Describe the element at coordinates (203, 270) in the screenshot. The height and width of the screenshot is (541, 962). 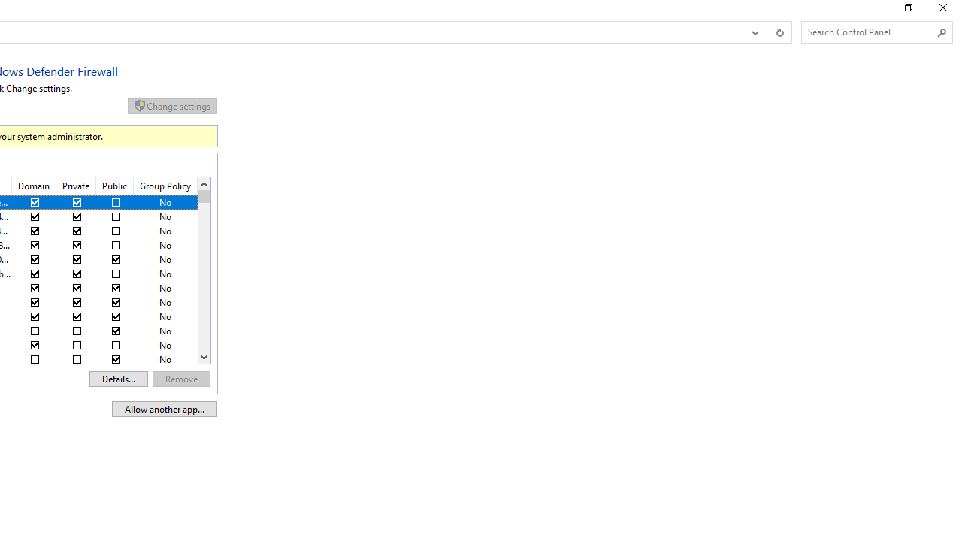
I see `'Vertical'` at that location.